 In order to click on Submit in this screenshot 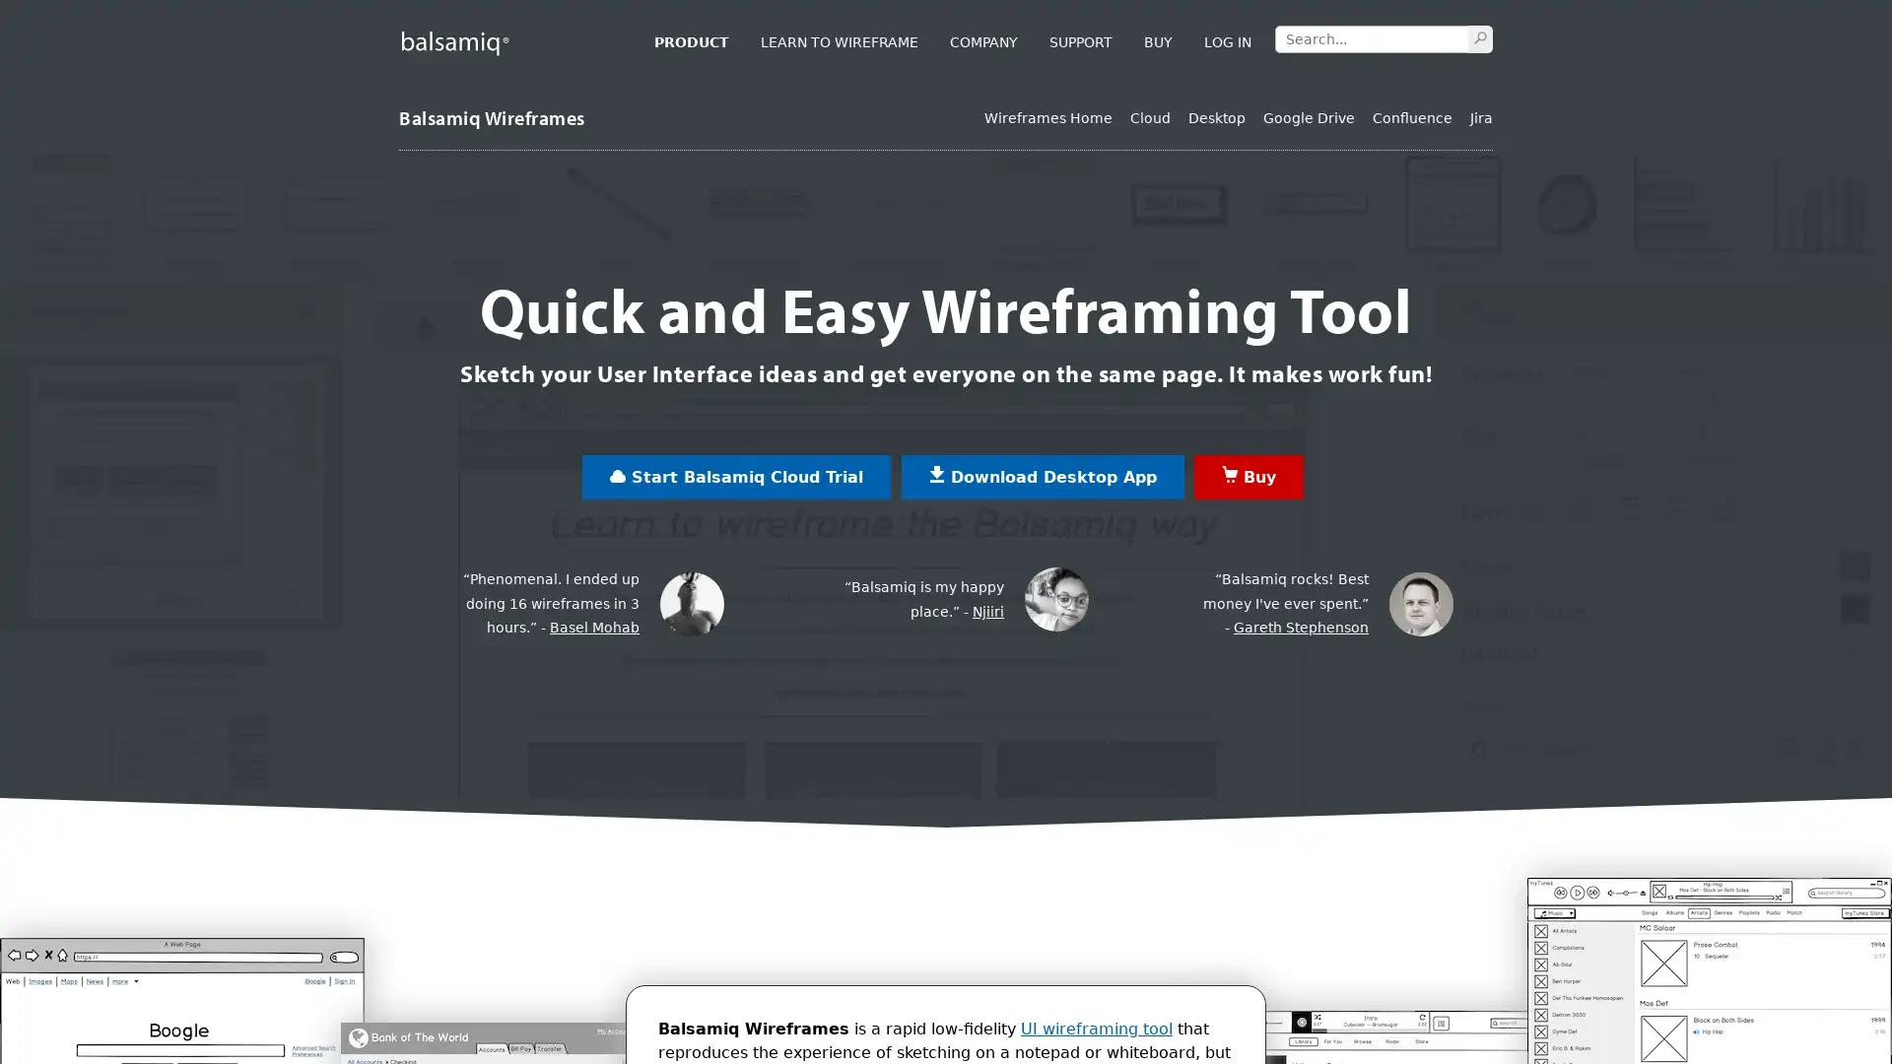, I will do `click(1480, 37)`.